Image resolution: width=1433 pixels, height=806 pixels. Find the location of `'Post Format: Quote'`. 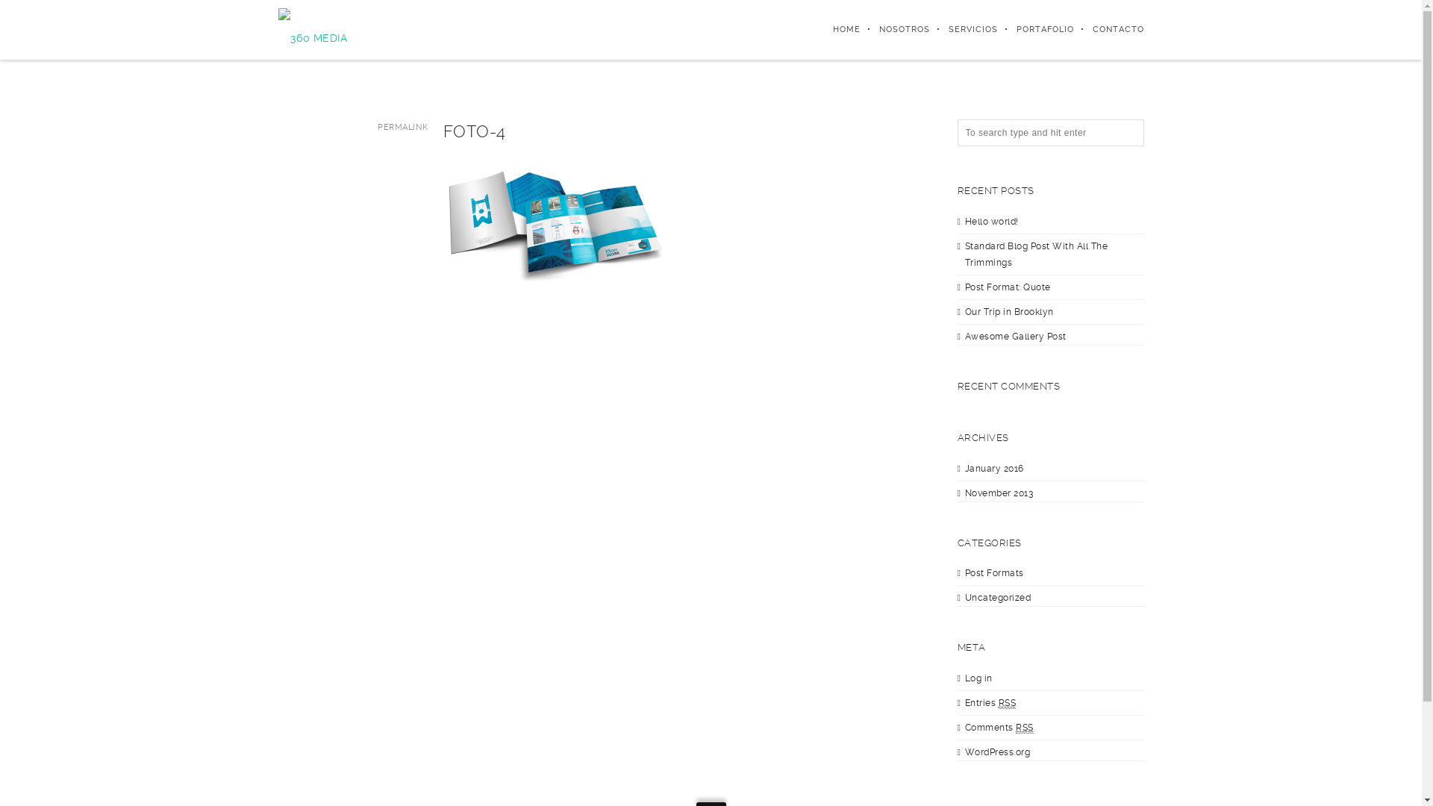

'Post Format: Quote' is located at coordinates (1007, 287).